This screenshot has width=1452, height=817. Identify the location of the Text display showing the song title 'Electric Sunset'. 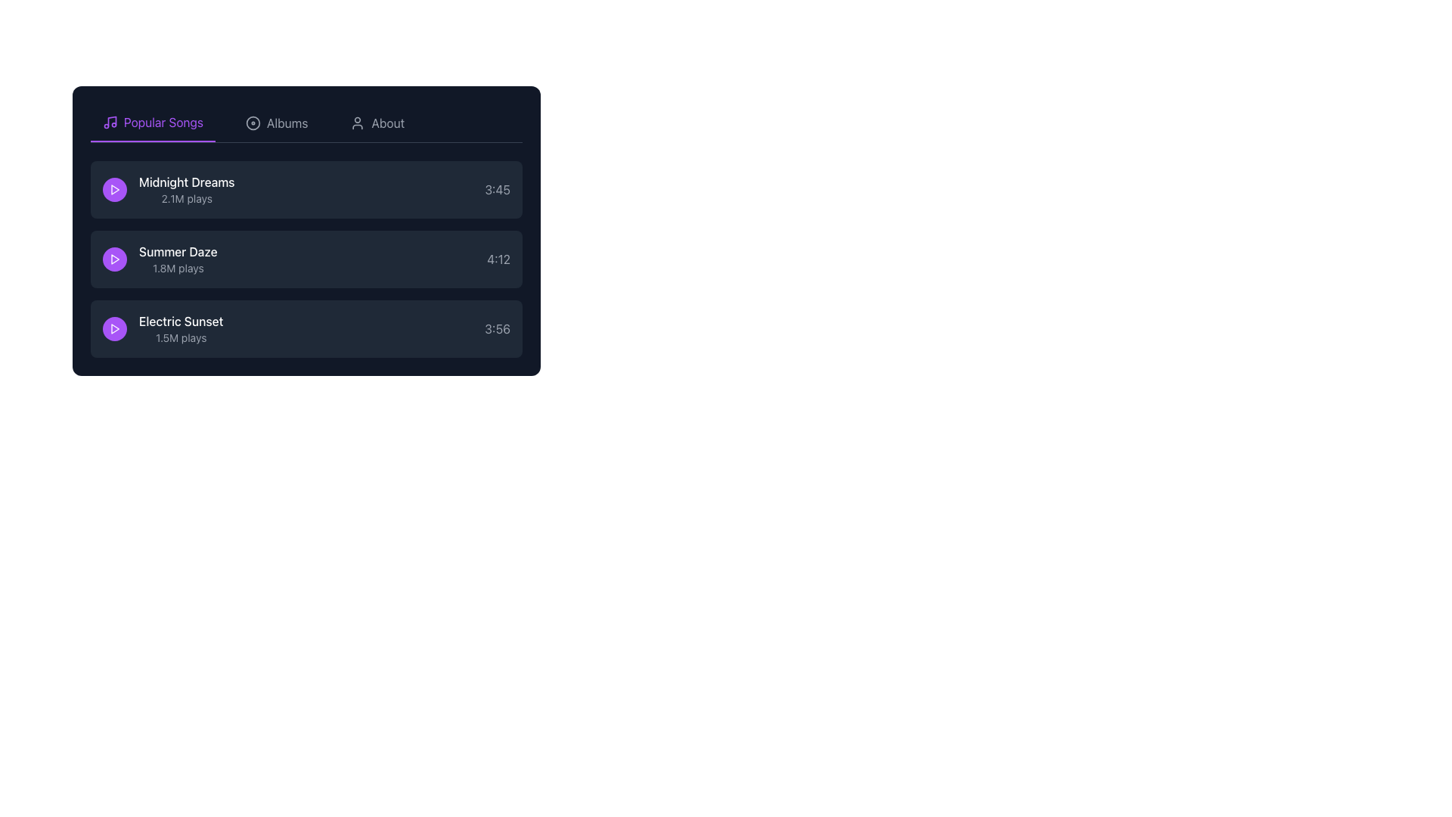
(163, 328).